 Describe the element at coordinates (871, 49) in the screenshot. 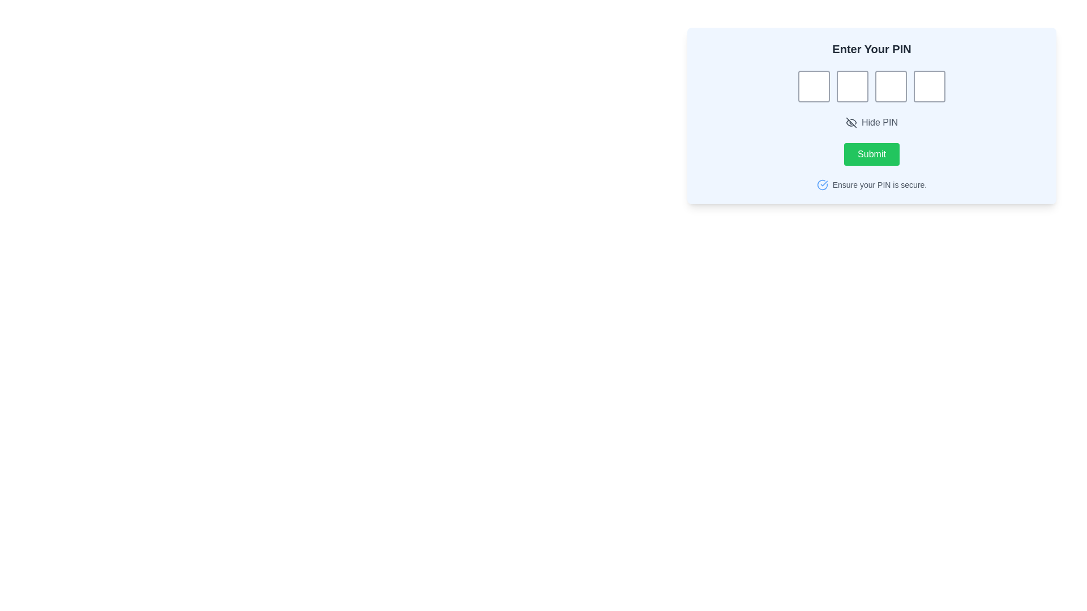

I see `the static text label that instructs the user to enter their PIN, which is centrally aligned at the top of the interface` at that location.